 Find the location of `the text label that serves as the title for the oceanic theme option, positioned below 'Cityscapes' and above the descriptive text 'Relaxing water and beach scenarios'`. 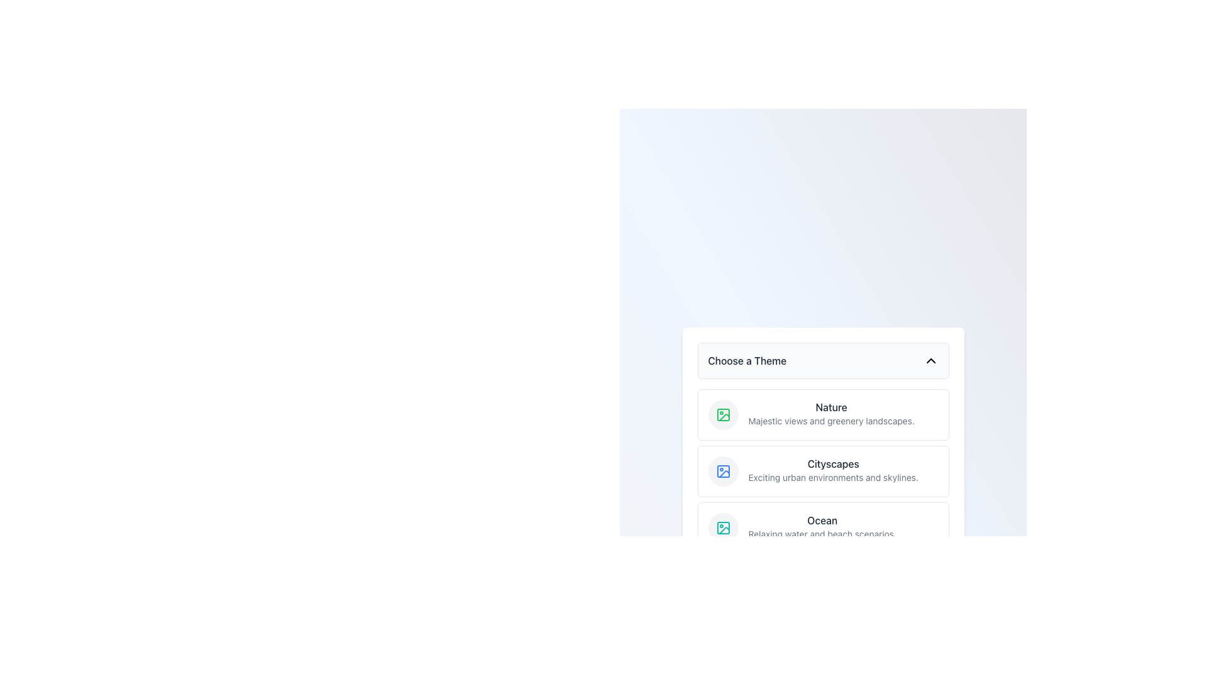

the text label that serves as the title for the oceanic theme option, positioned below 'Cityscapes' and above the descriptive text 'Relaxing water and beach scenarios' is located at coordinates (822, 521).